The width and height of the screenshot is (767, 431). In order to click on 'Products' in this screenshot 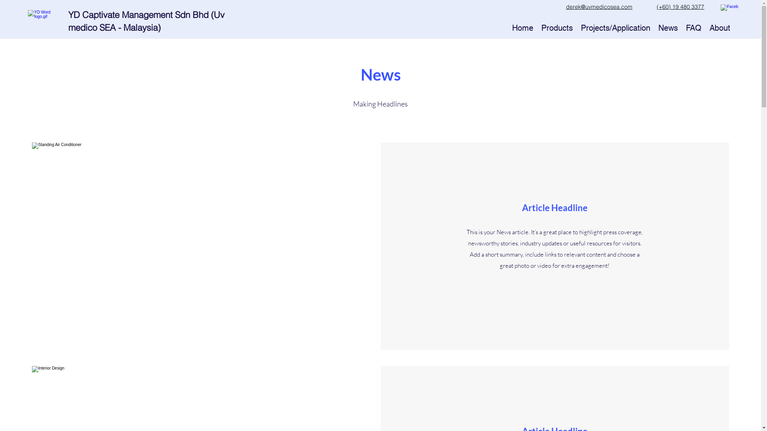, I will do `click(556, 27)`.